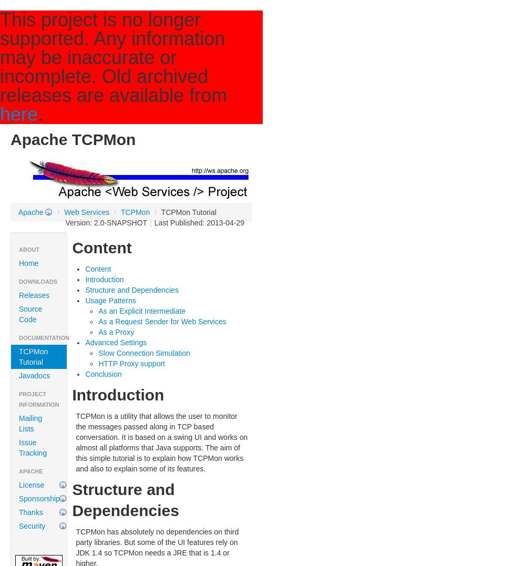  I want to click on 'As a Request Sender for Web Services', so click(98, 321).